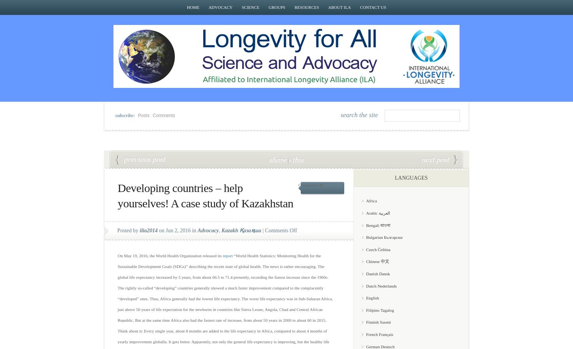  What do you see at coordinates (208, 230) in the screenshot?
I see `'Advocacy'` at bounding box center [208, 230].